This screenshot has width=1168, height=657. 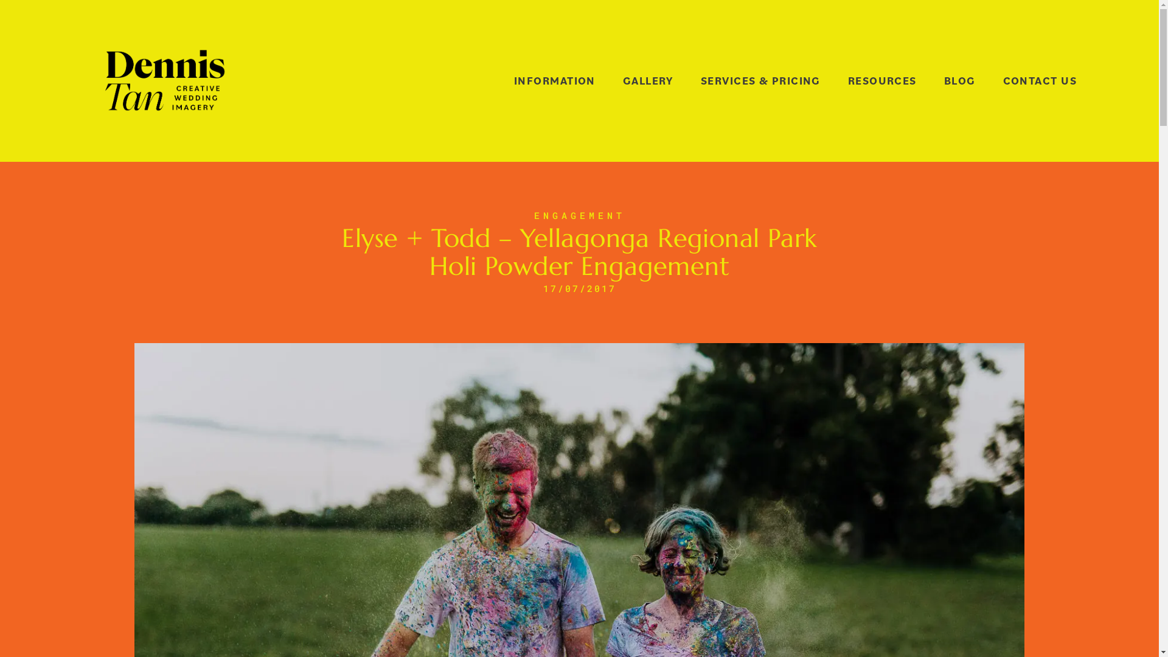 I want to click on 'ENGAGEMENT', so click(x=579, y=215).